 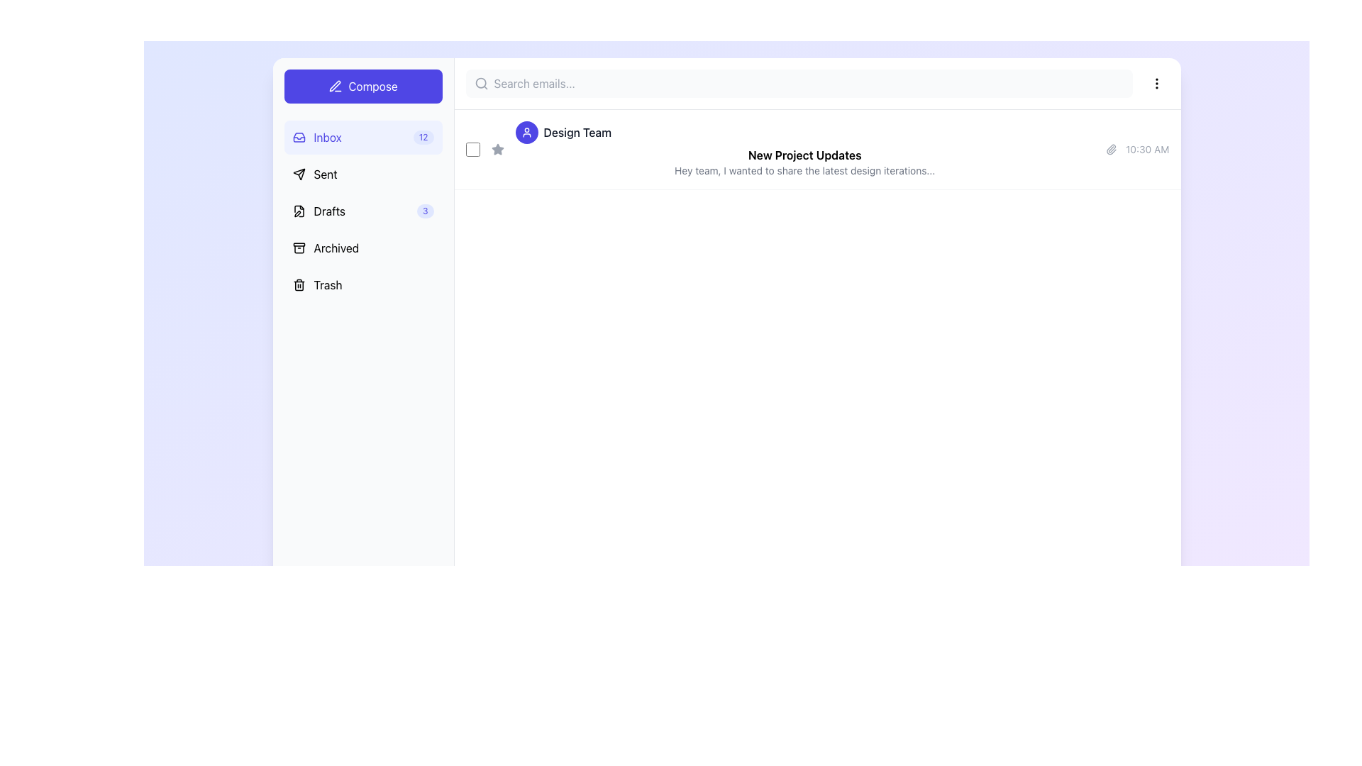 I want to click on the star icon, which is a gray five-pointed star located adjacent to the checkbox and slightly to the left of the user avatar icon, so click(x=497, y=149).